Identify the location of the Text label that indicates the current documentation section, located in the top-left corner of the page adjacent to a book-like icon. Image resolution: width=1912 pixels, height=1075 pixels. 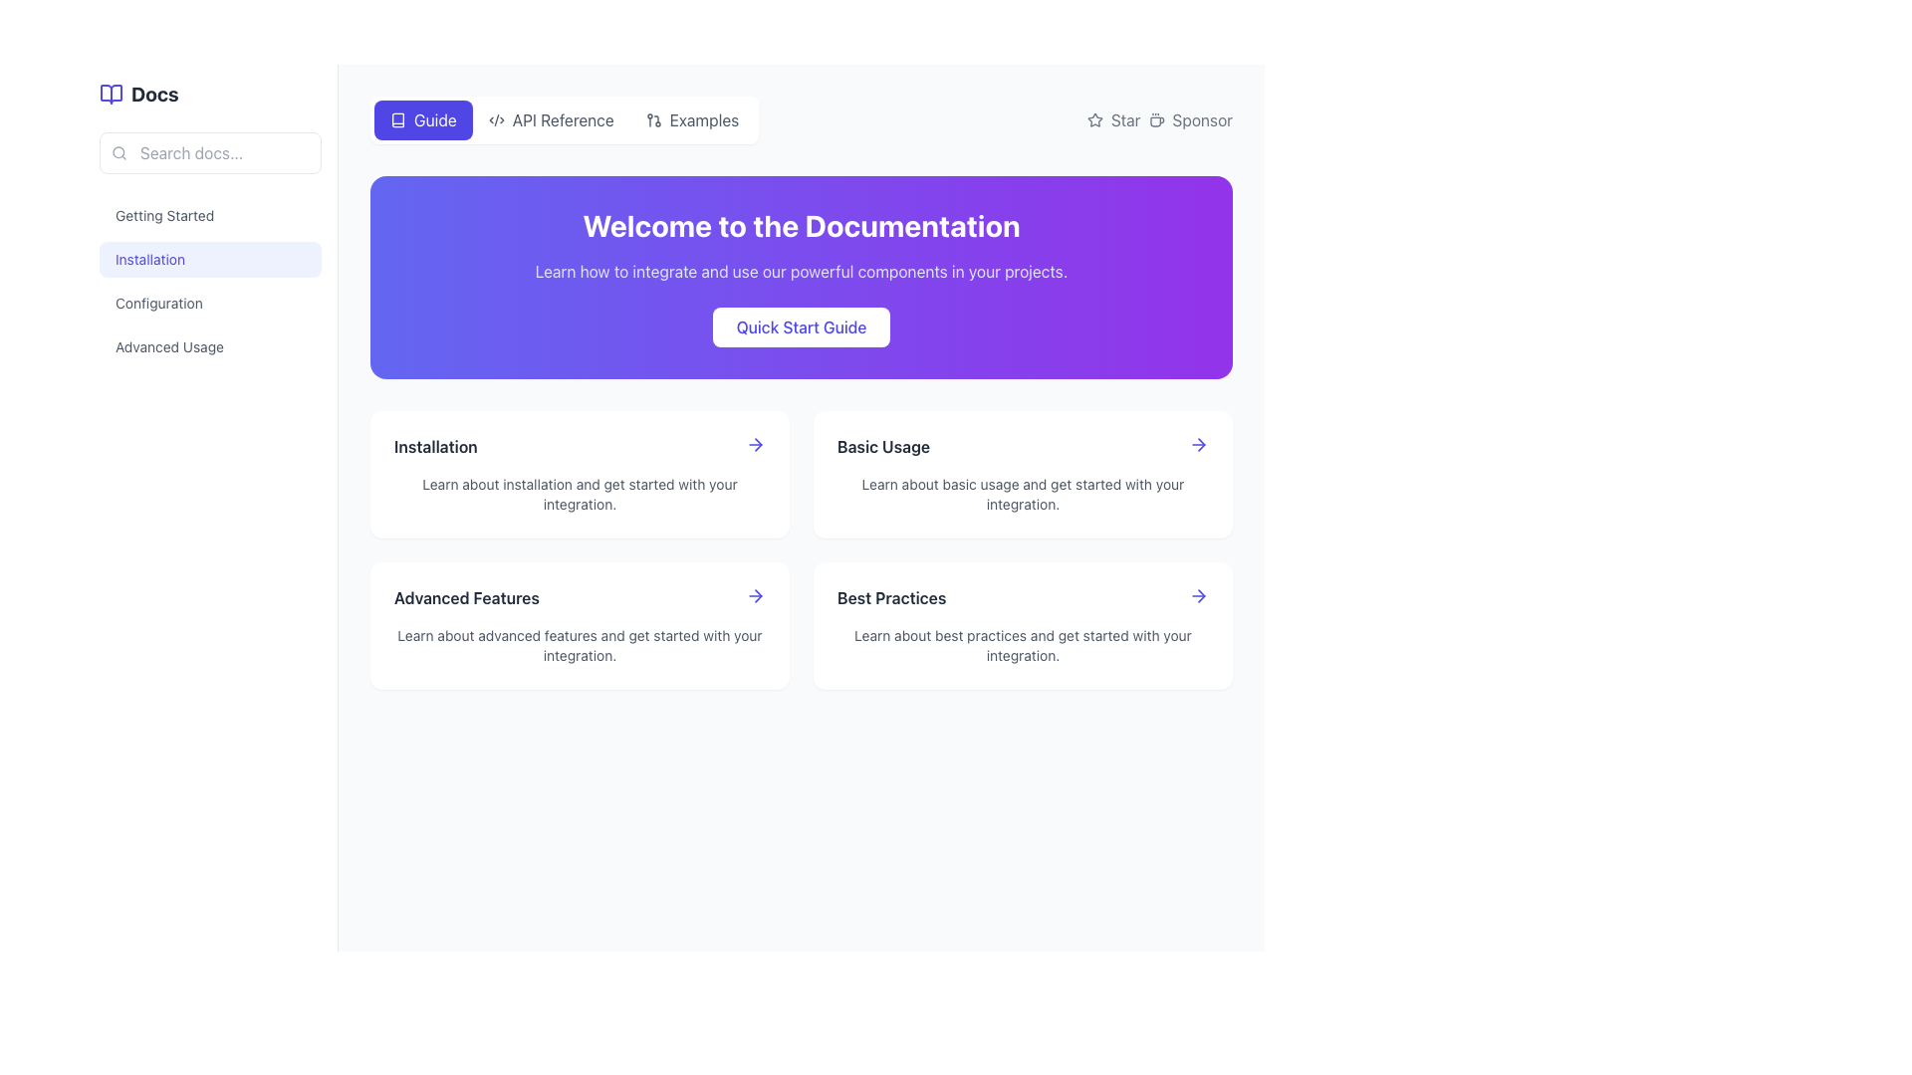
(153, 95).